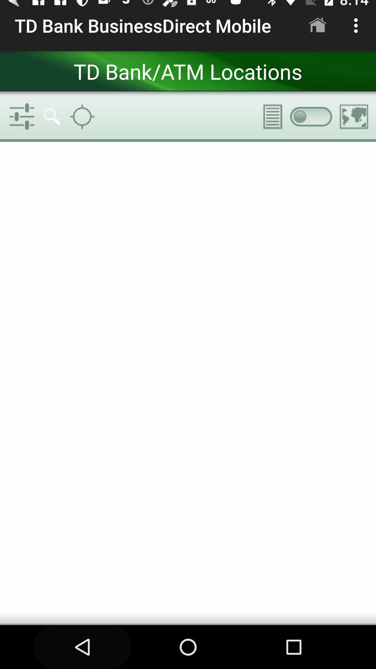  What do you see at coordinates (52, 116) in the screenshot?
I see `the search icon` at bounding box center [52, 116].